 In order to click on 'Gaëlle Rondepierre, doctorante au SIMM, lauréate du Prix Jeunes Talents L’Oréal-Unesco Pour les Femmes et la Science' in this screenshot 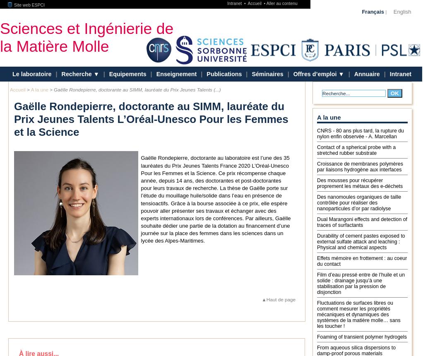, I will do `click(151, 119)`.